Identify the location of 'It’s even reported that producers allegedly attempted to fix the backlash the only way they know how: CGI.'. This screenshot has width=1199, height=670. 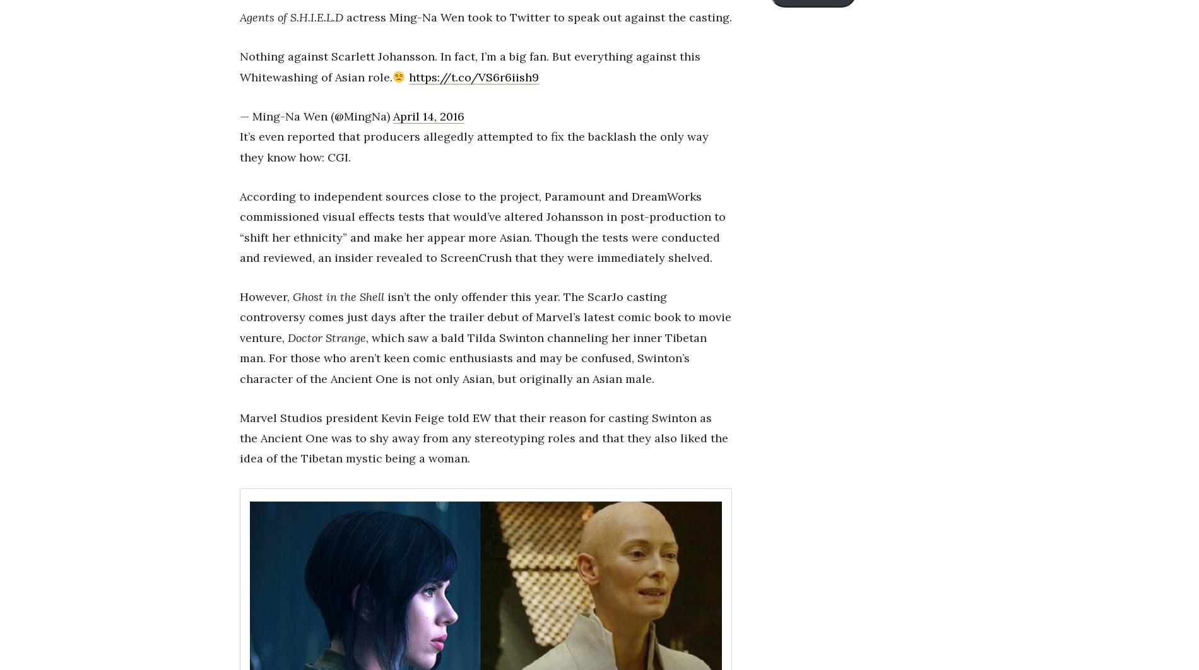
(473, 146).